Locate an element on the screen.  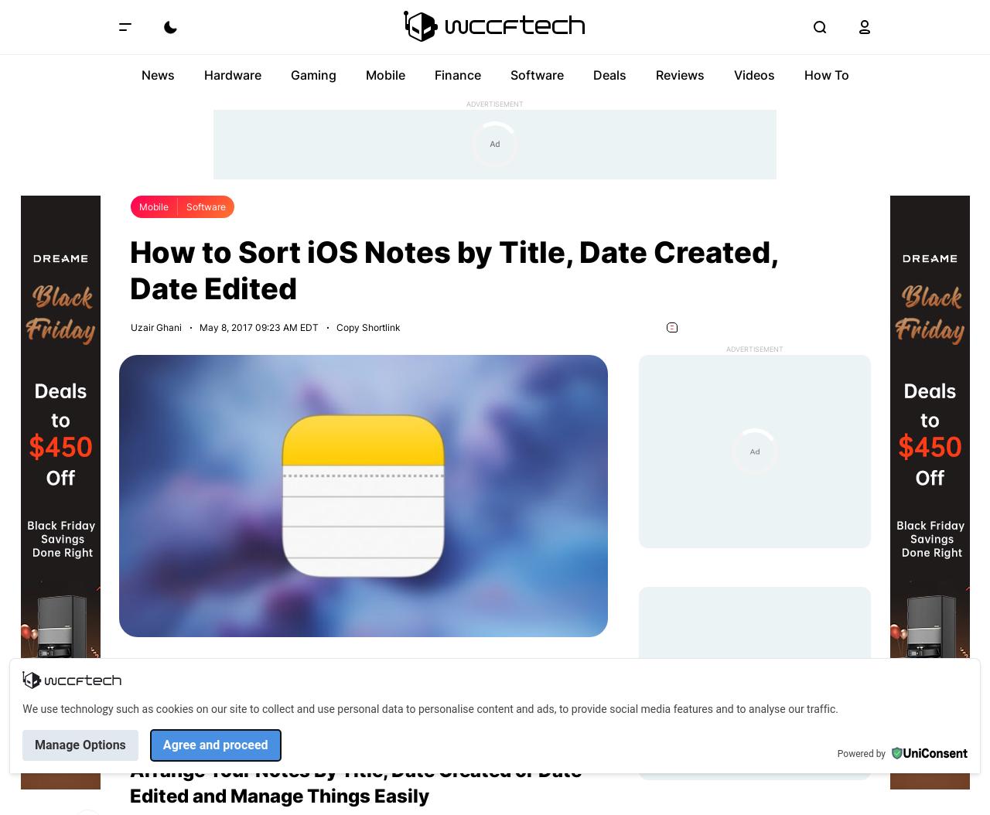
'Hardware' is located at coordinates (231, 73).